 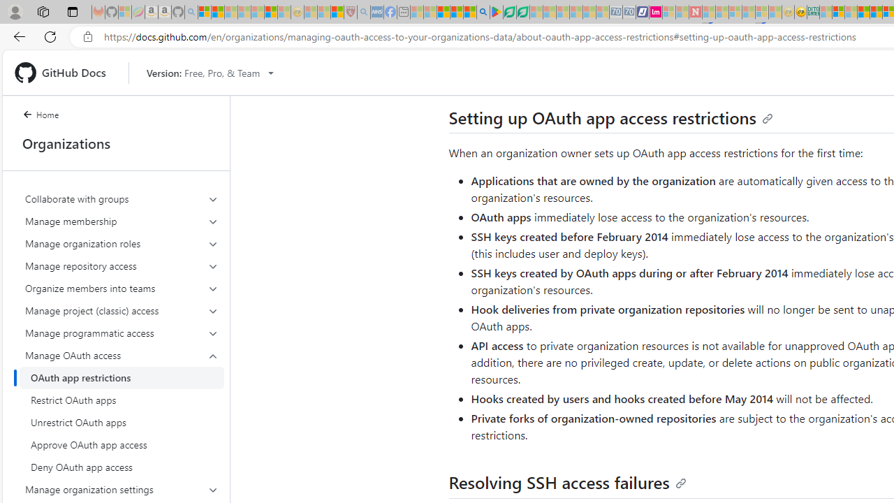 I want to click on 'OAuth app restrictions', so click(x=122, y=378).